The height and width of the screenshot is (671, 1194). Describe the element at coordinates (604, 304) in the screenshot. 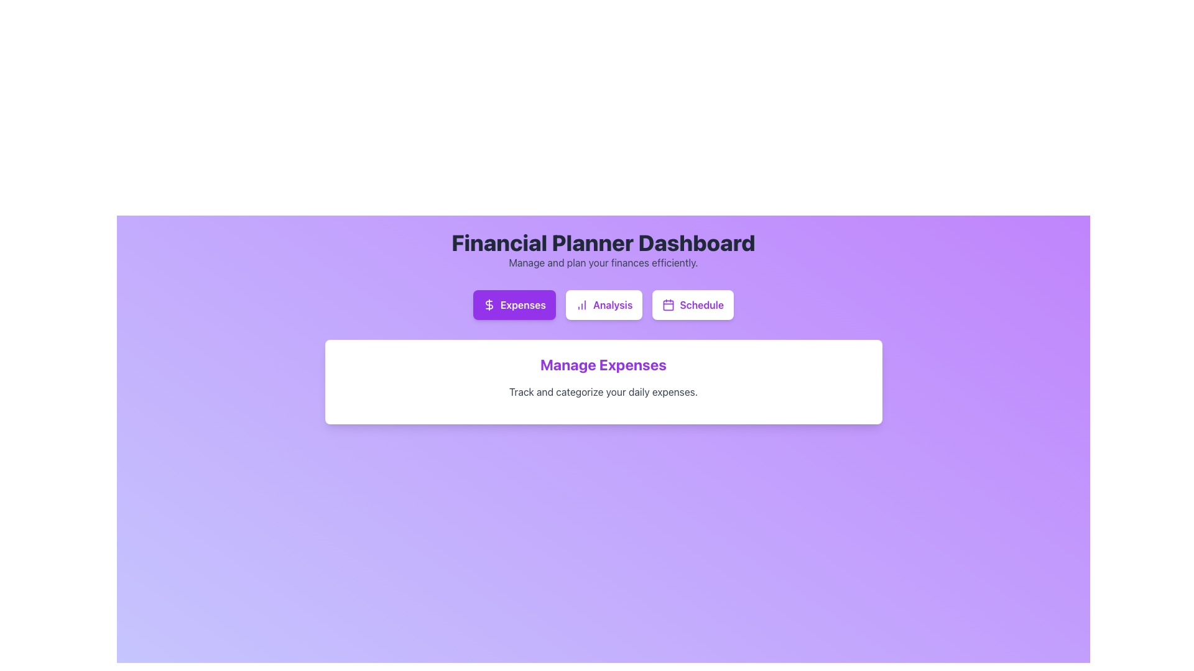

I see `the middle navigation button` at that location.